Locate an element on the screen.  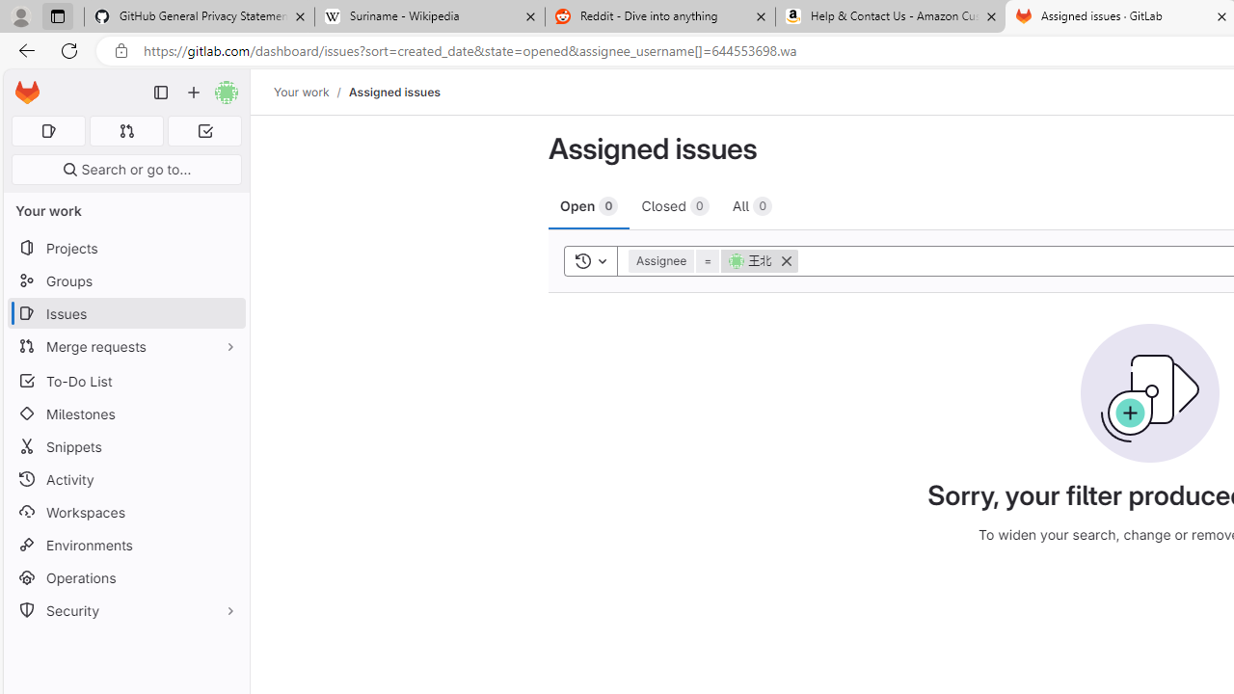
'Assigned issues' is located at coordinates (392, 92).